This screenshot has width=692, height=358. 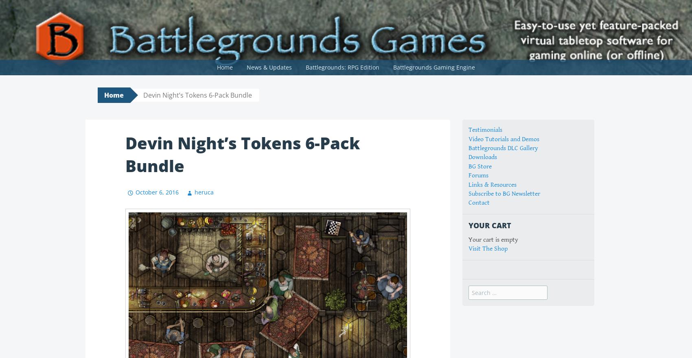 What do you see at coordinates (434, 67) in the screenshot?
I see `'Battlegrounds Gaming Engine'` at bounding box center [434, 67].